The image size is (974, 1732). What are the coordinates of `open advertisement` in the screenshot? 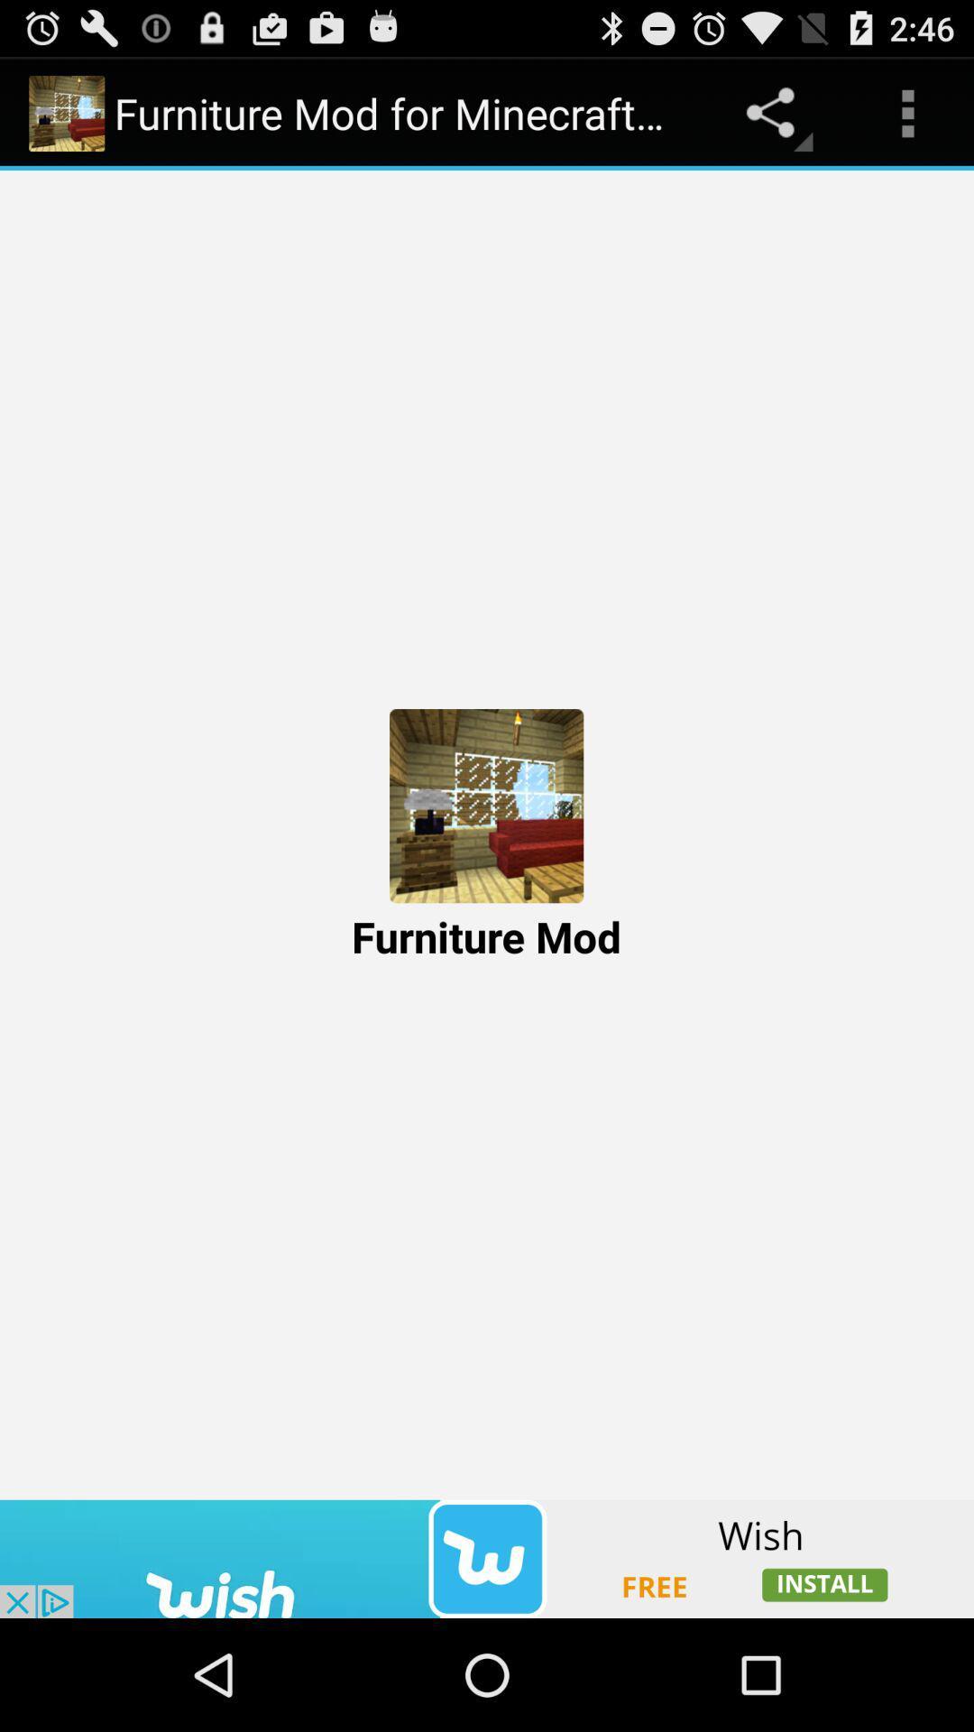 It's located at (487, 1558).